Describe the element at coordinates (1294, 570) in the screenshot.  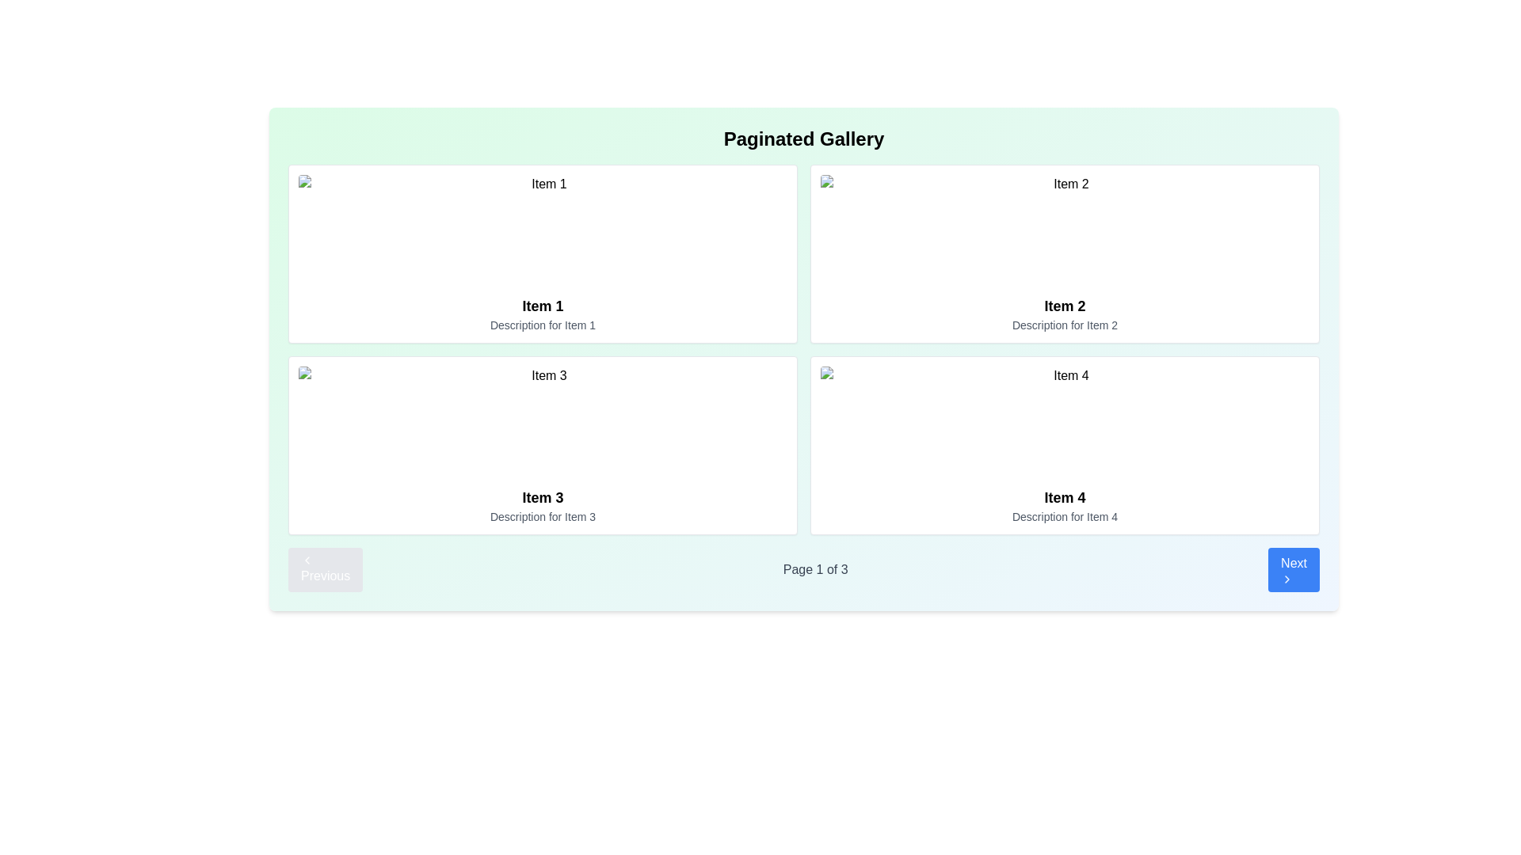
I see `the 'Next' button located at the bottom right of the pagination controls` at that location.